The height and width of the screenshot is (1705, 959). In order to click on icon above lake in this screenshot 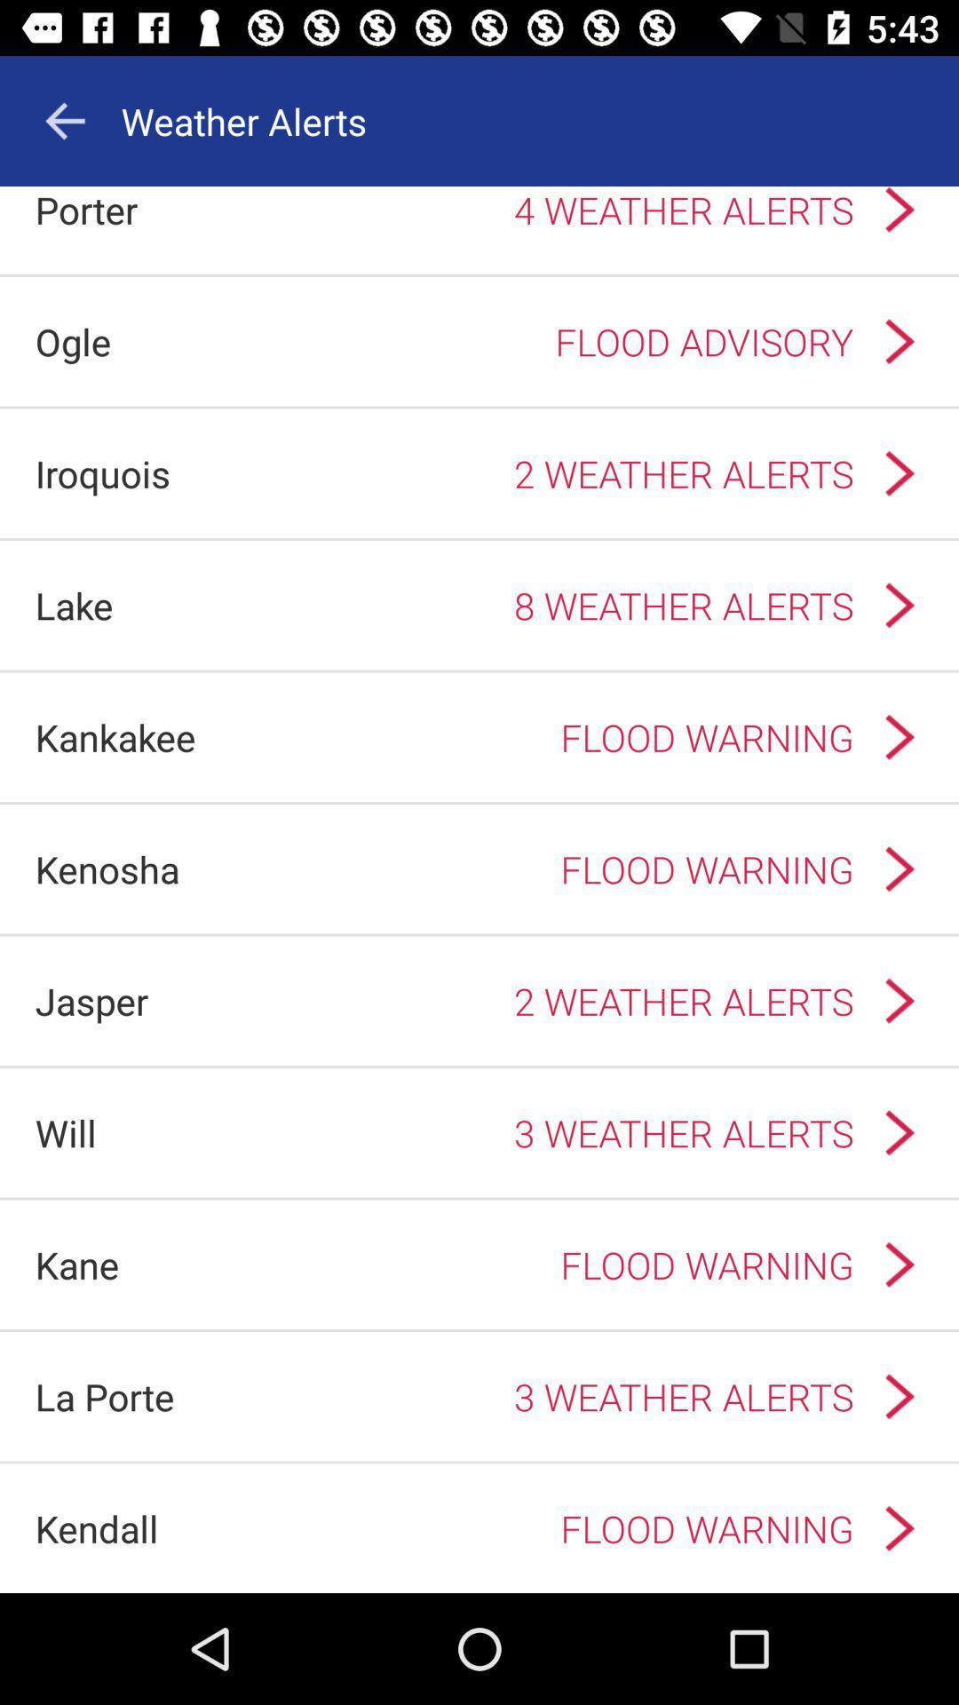, I will do `click(102, 473)`.